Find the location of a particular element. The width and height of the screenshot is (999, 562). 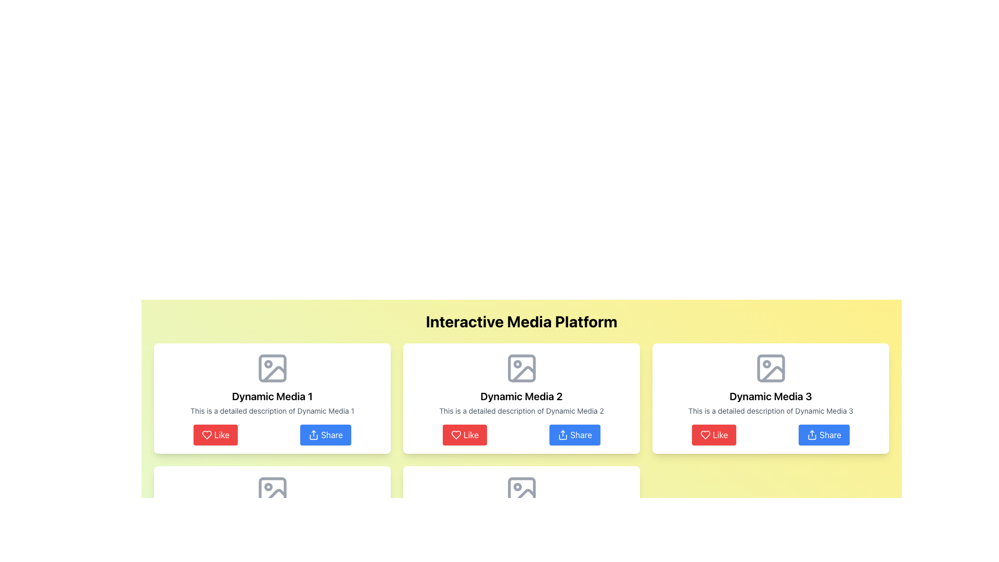

the content display element that features a gray image icon above the text 'Dynamic Media 3' and a description below it, located on the third card in a horizontal layout with a yellow background is located at coordinates (771, 384).